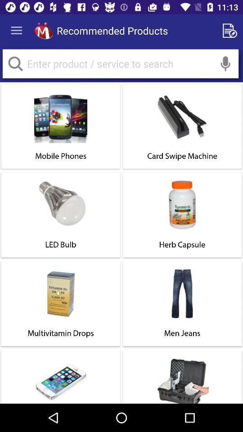  Describe the element at coordinates (225, 63) in the screenshot. I see `voice search` at that location.